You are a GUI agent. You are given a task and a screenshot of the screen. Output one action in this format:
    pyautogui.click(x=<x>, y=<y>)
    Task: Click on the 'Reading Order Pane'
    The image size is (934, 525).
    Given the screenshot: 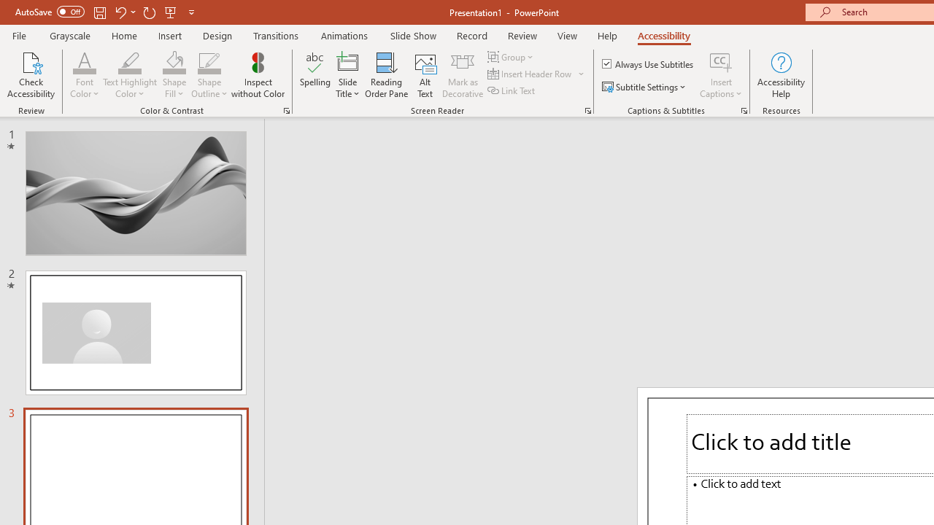 What is the action you would take?
    pyautogui.click(x=386, y=75)
    